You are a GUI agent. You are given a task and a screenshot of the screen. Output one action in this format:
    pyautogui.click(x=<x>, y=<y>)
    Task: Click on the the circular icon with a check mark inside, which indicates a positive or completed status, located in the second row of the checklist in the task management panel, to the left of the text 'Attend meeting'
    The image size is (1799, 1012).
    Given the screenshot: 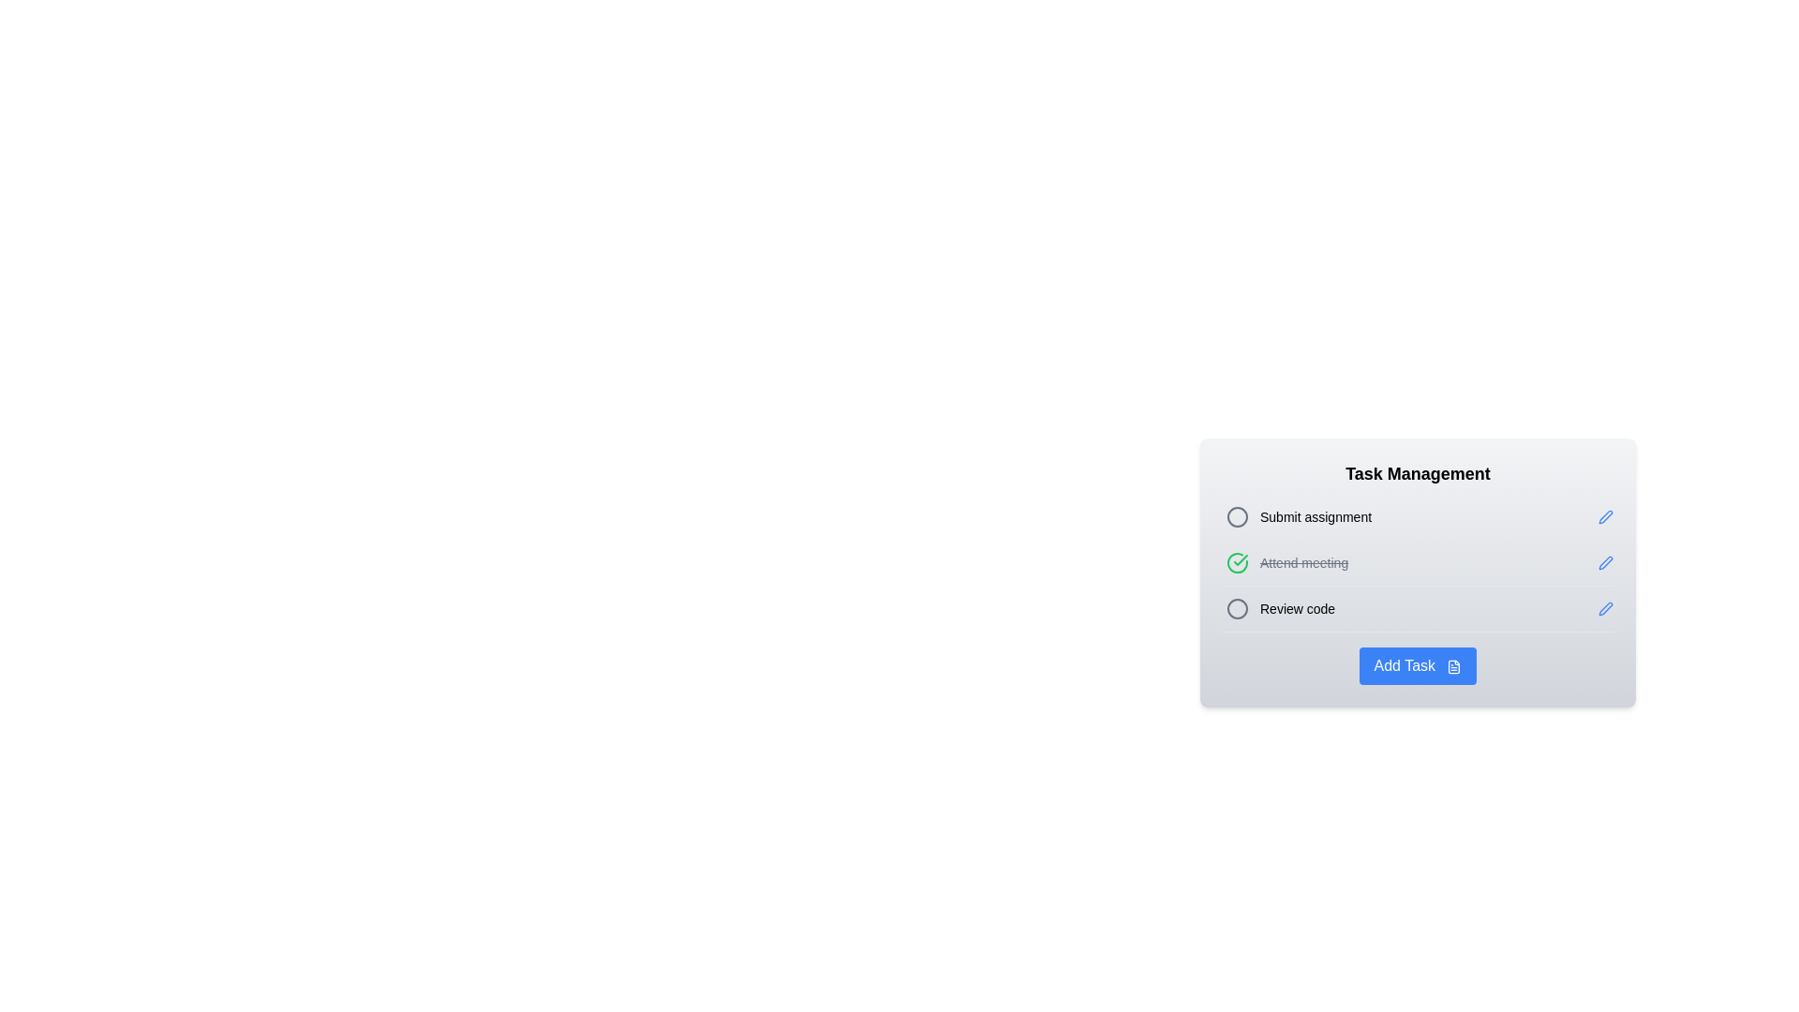 What is the action you would take?
    pyautogui.click(x=1237, y=562)
    